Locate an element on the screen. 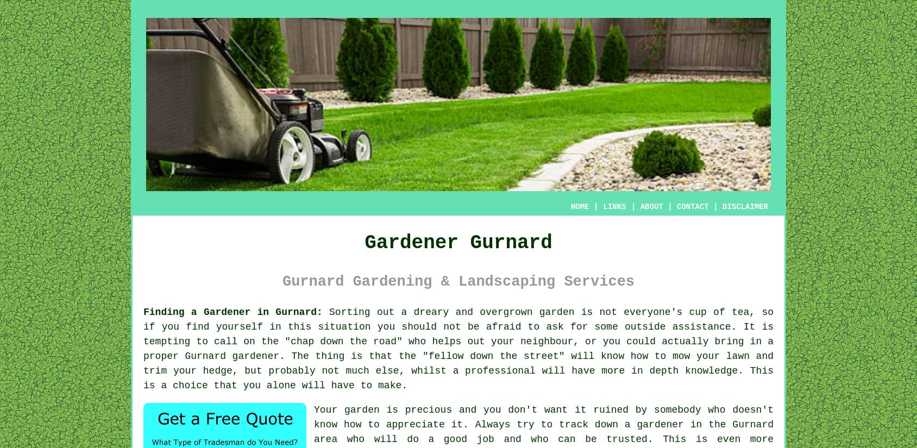  'LINKS' is located at coordinates (613, 206).